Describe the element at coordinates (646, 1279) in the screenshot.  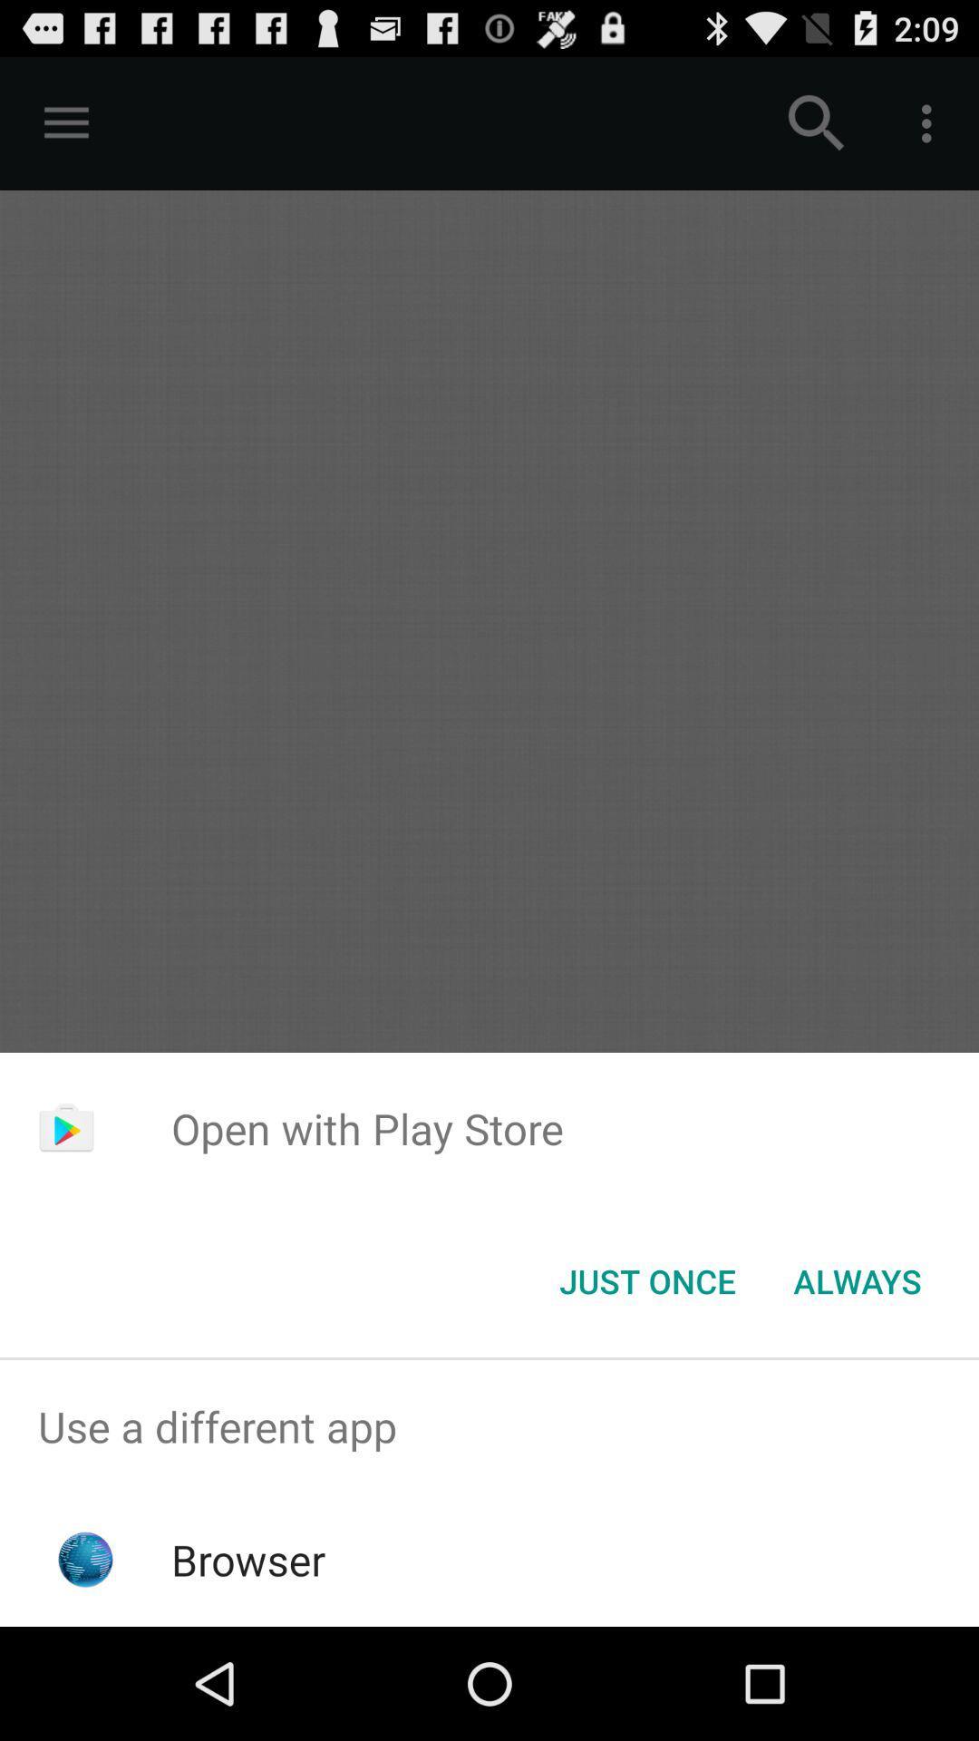
I see `the icon to the left of always` at that location.